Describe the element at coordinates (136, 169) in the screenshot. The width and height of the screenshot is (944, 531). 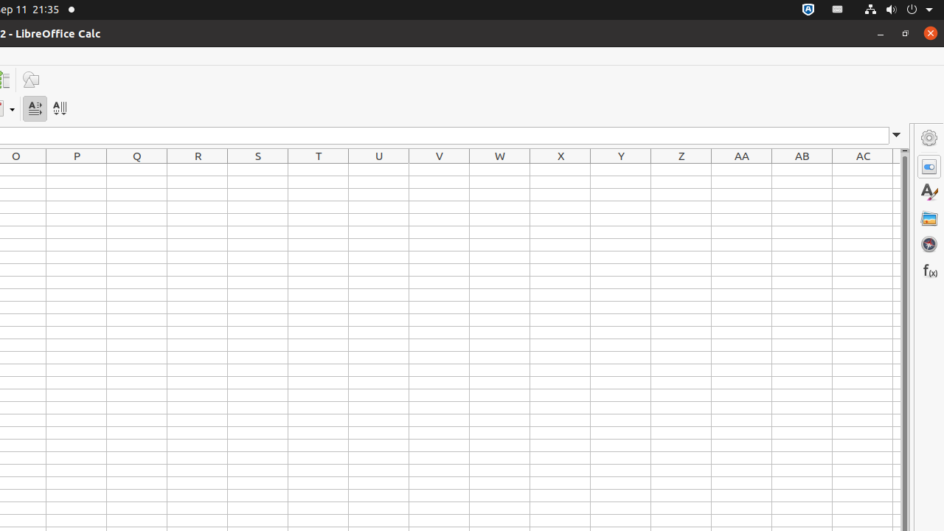
I see `'Q1'` at that location.